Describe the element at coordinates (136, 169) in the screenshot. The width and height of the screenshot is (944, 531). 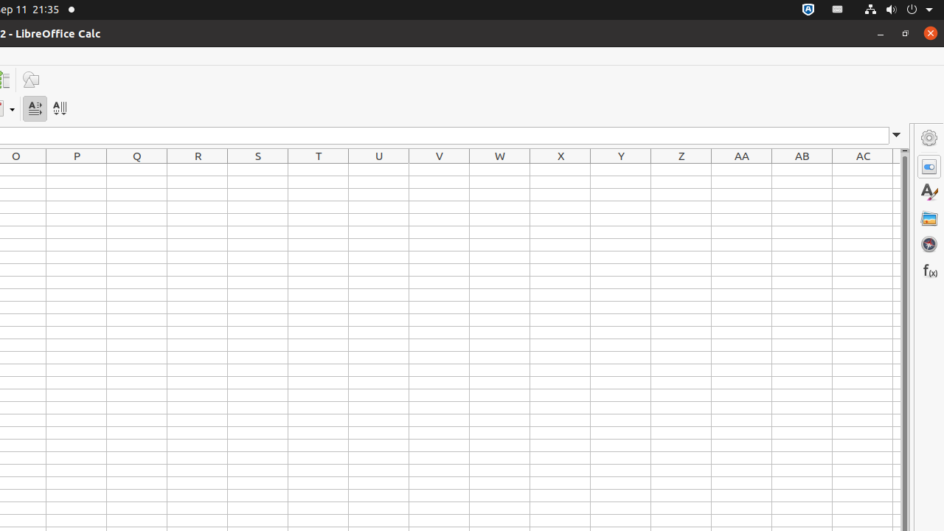
I see `'Q1'` at that location.